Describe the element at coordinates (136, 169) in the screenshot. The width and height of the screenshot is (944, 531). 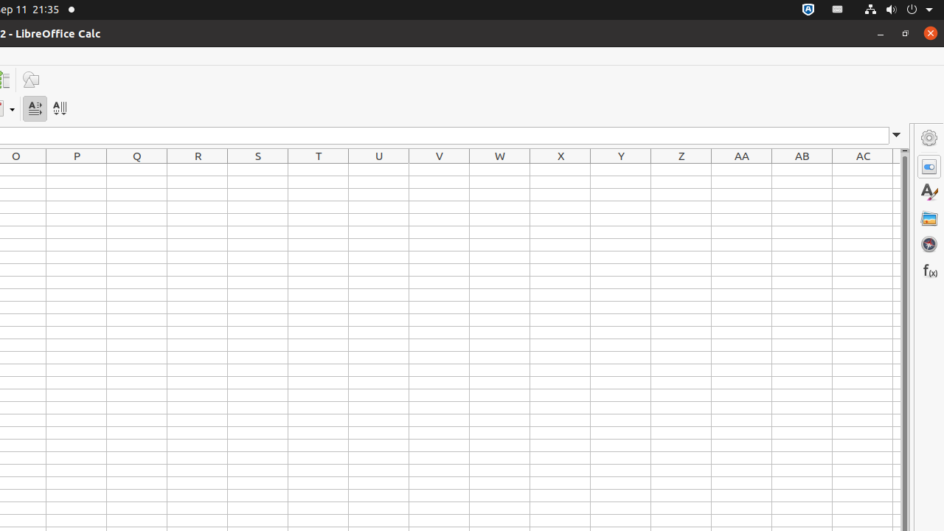
I see `'Q1'` at that location.